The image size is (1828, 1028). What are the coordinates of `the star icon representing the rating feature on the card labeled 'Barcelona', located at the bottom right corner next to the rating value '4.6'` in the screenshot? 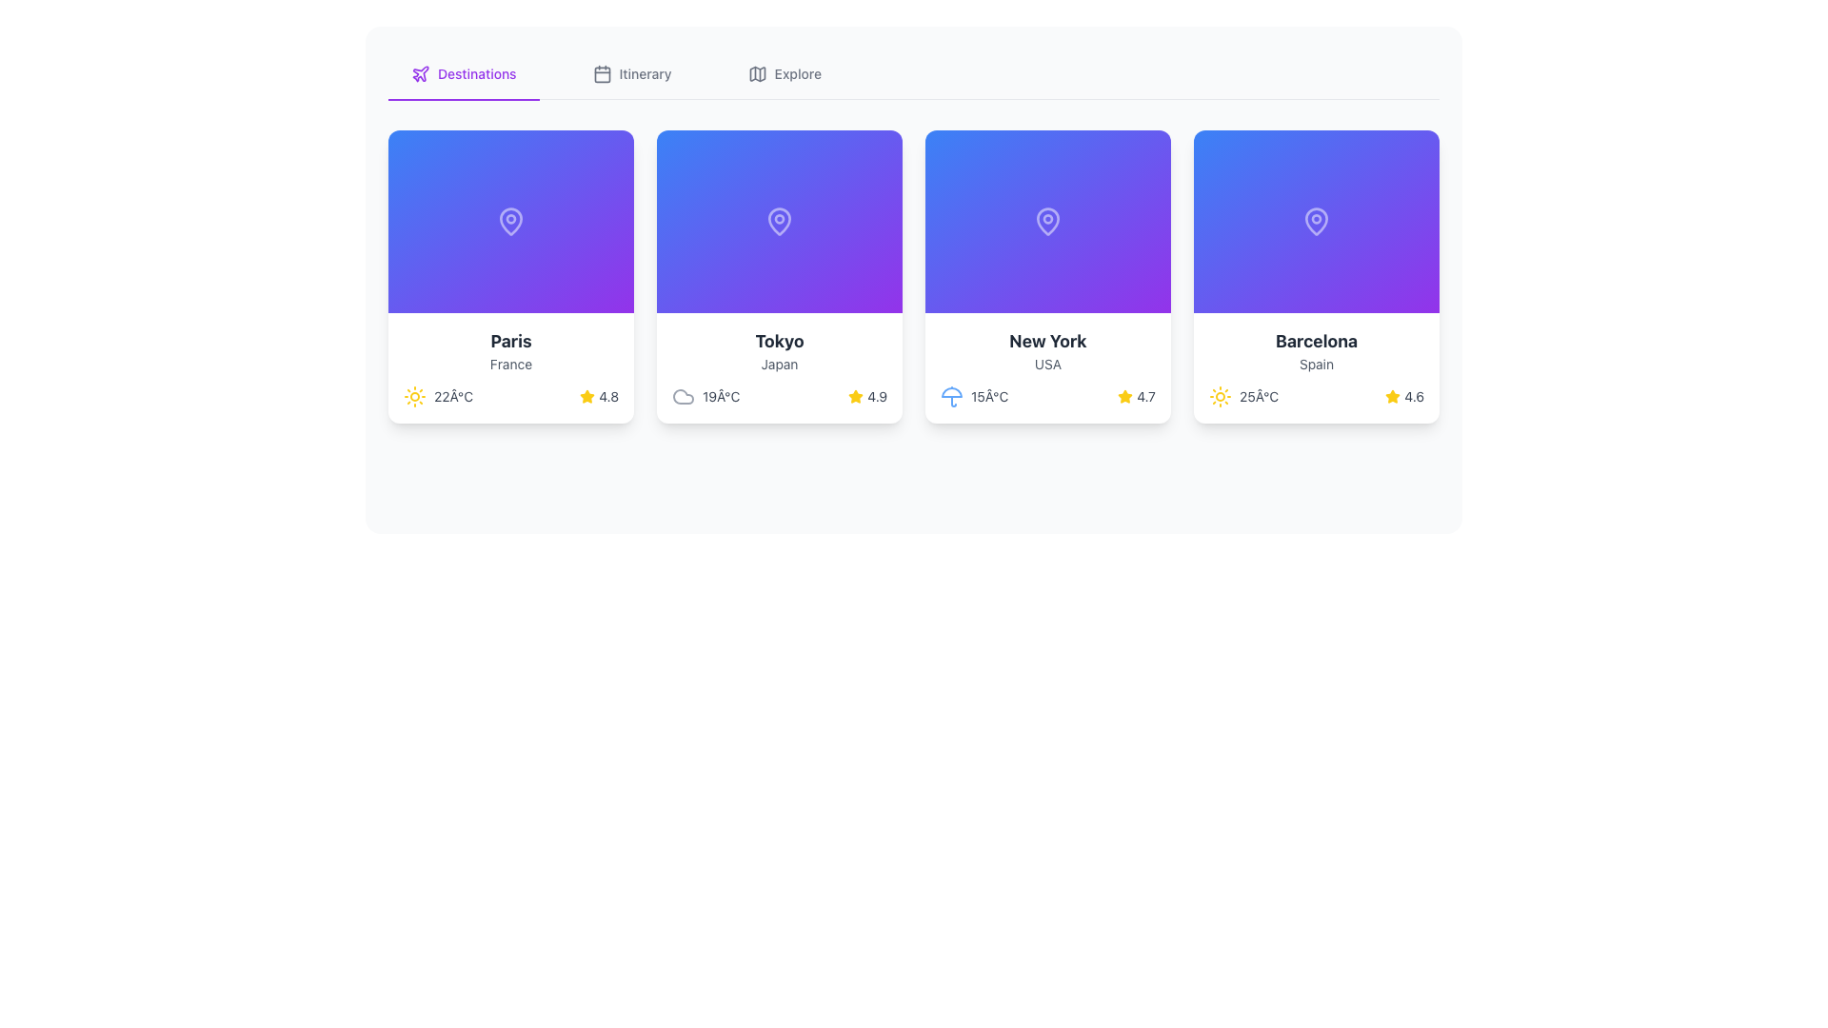 It's located at (1393, 395).